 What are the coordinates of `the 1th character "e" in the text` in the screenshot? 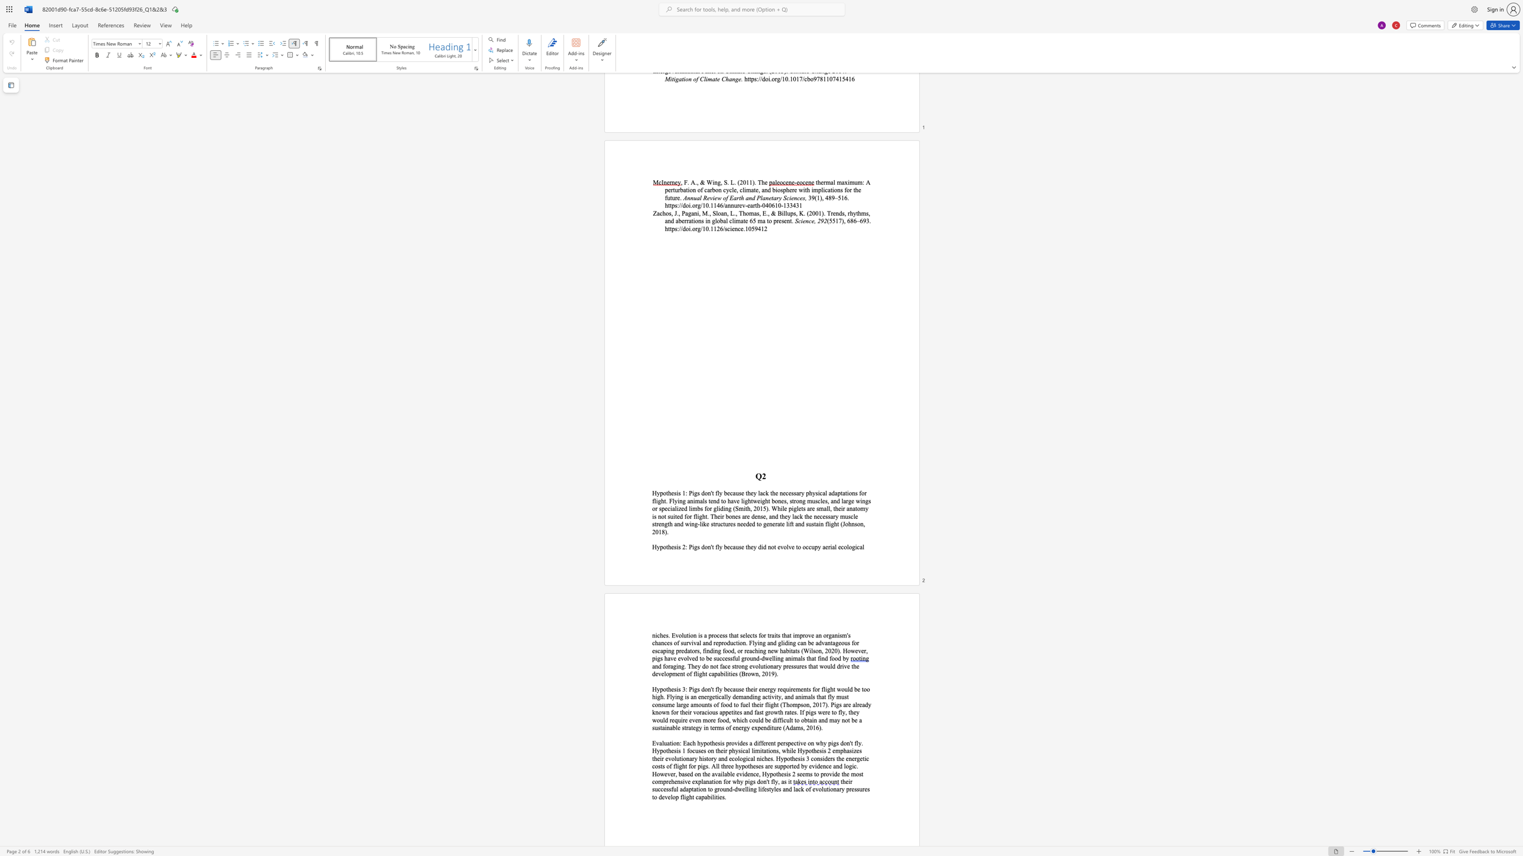 It's located at (672, 546).